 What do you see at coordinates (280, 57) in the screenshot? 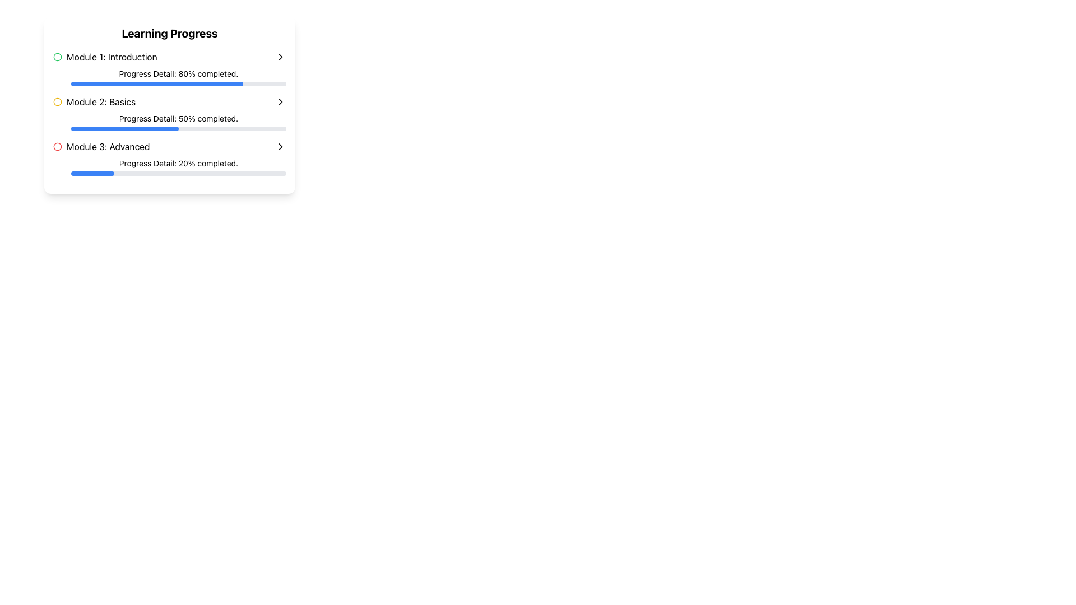
I see `the right-pointing chevron icon` at bounding box center [280, 57].